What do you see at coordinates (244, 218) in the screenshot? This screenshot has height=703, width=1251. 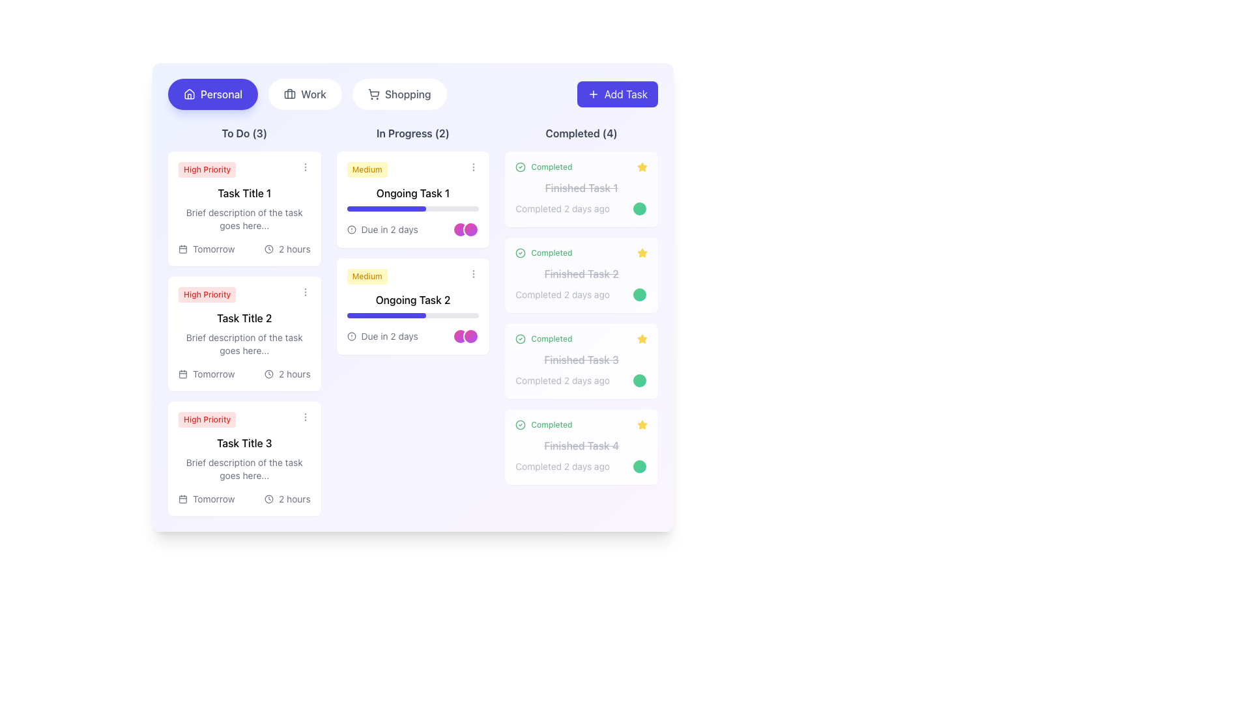 I see `the text element that provides a brief description or summary for 'Task Title 1', located above 'Tomorrow2 hours' in the first task card of the 'To Do' column` at bounding box center [244, 218].